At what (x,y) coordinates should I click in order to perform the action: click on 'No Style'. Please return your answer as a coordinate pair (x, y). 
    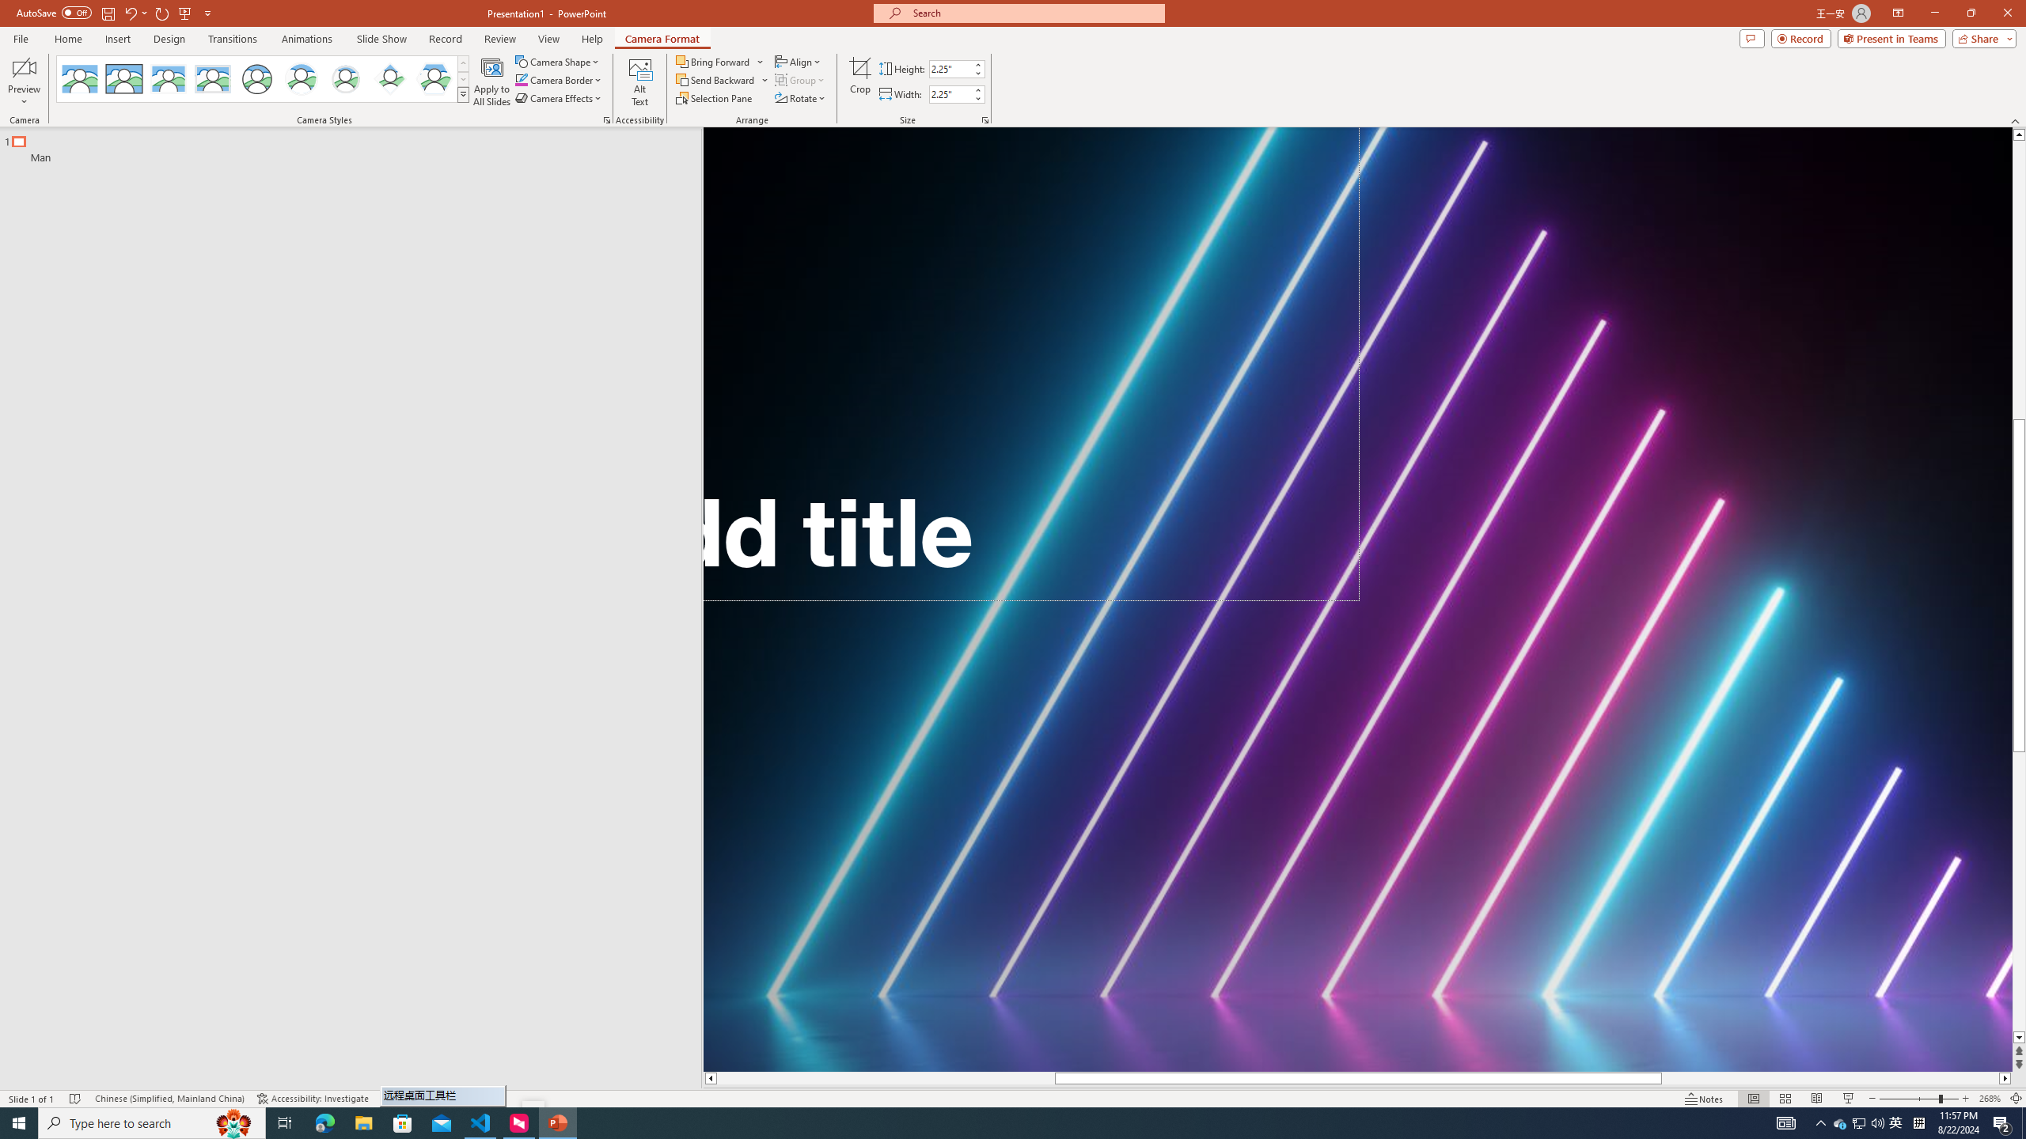
    Looking at the image, I should click on (80, 78).